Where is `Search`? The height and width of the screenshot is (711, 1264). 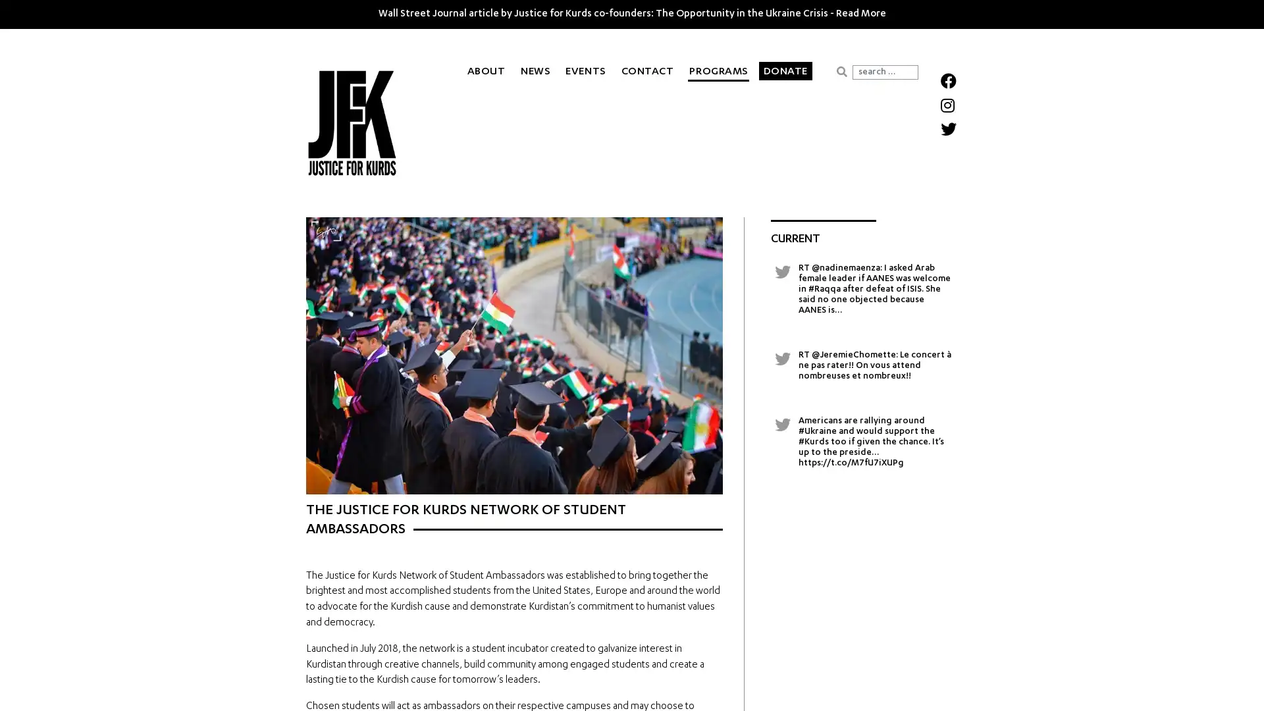
Search is located at coordinates (841, 71).